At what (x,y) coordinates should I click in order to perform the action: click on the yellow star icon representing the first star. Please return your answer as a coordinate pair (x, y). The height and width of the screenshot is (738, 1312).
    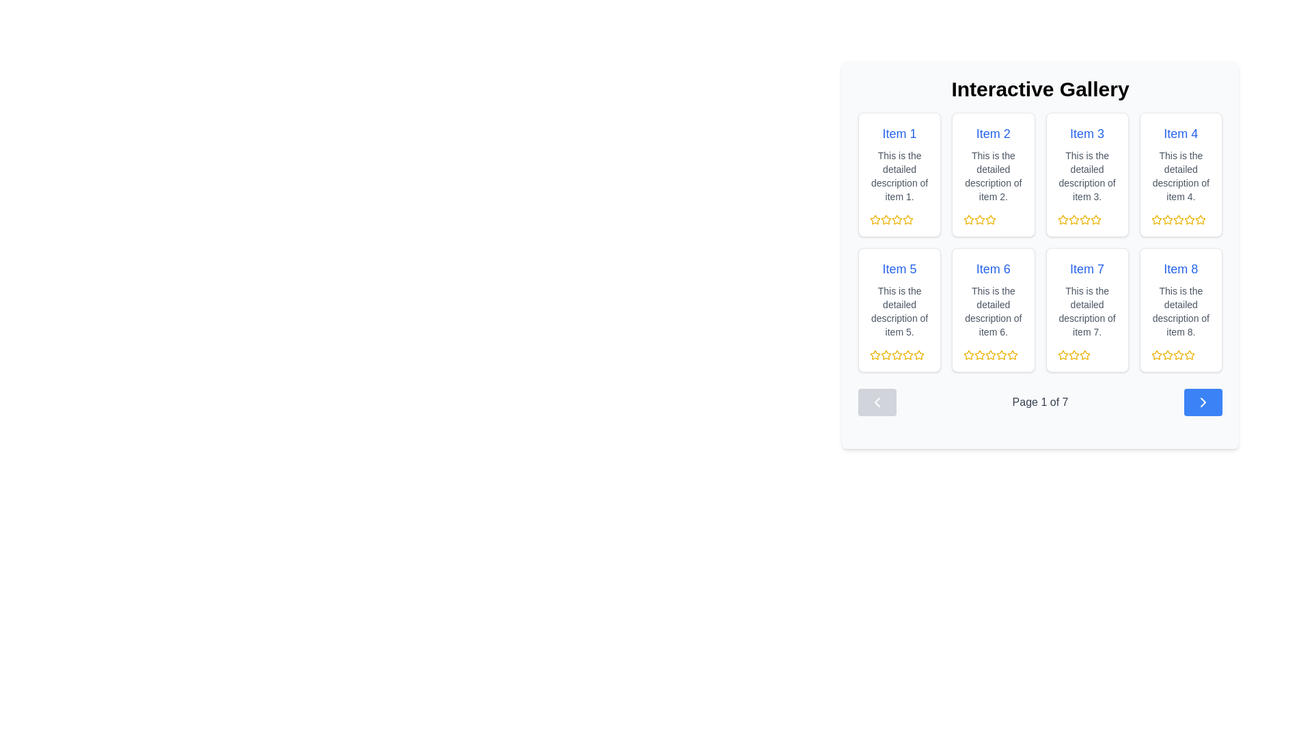
    Looking at the image, I should click on (1166, 354).